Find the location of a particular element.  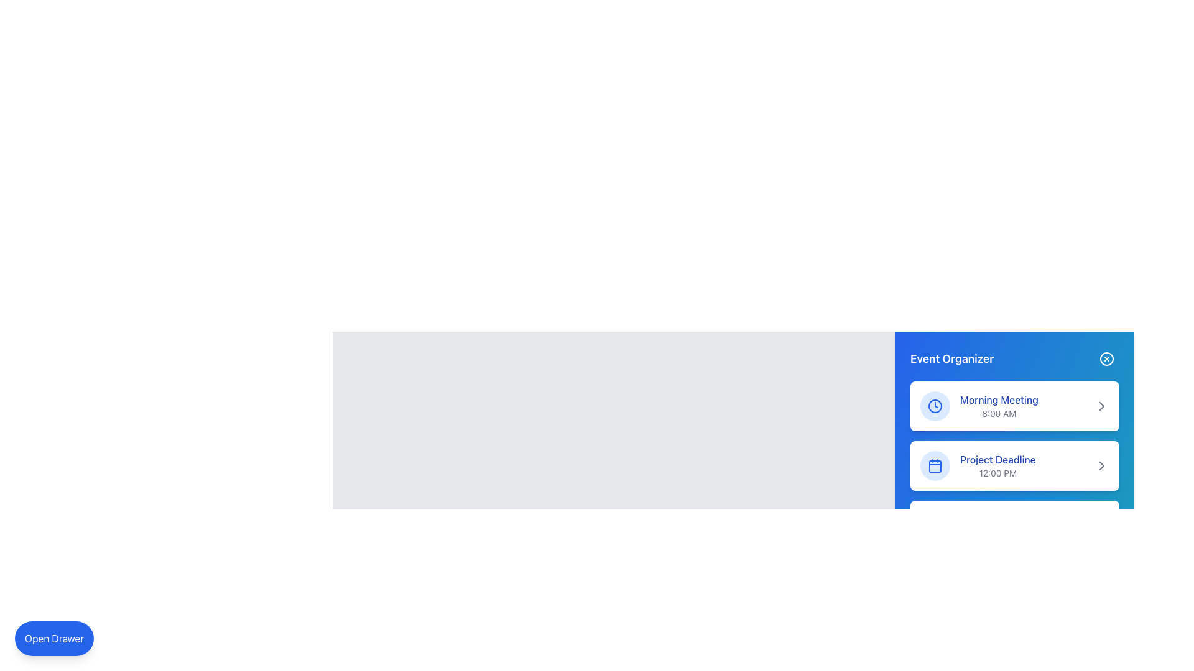

the calendar icon is located at coordinates (935, 467).